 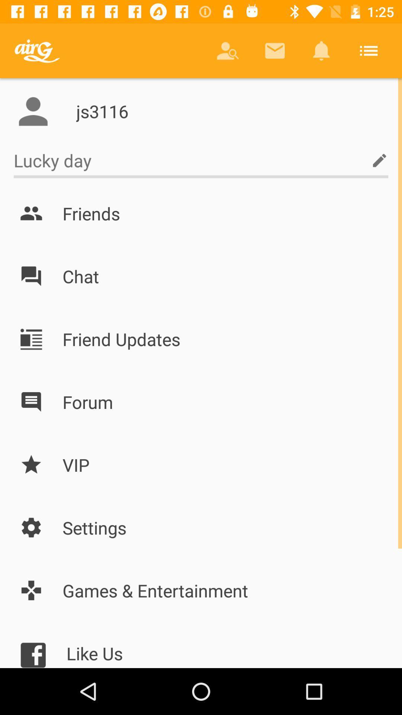 What do you see at coordinates (33, 111) in the screenshot?
I see `profile` at bounding box center [33, 111].